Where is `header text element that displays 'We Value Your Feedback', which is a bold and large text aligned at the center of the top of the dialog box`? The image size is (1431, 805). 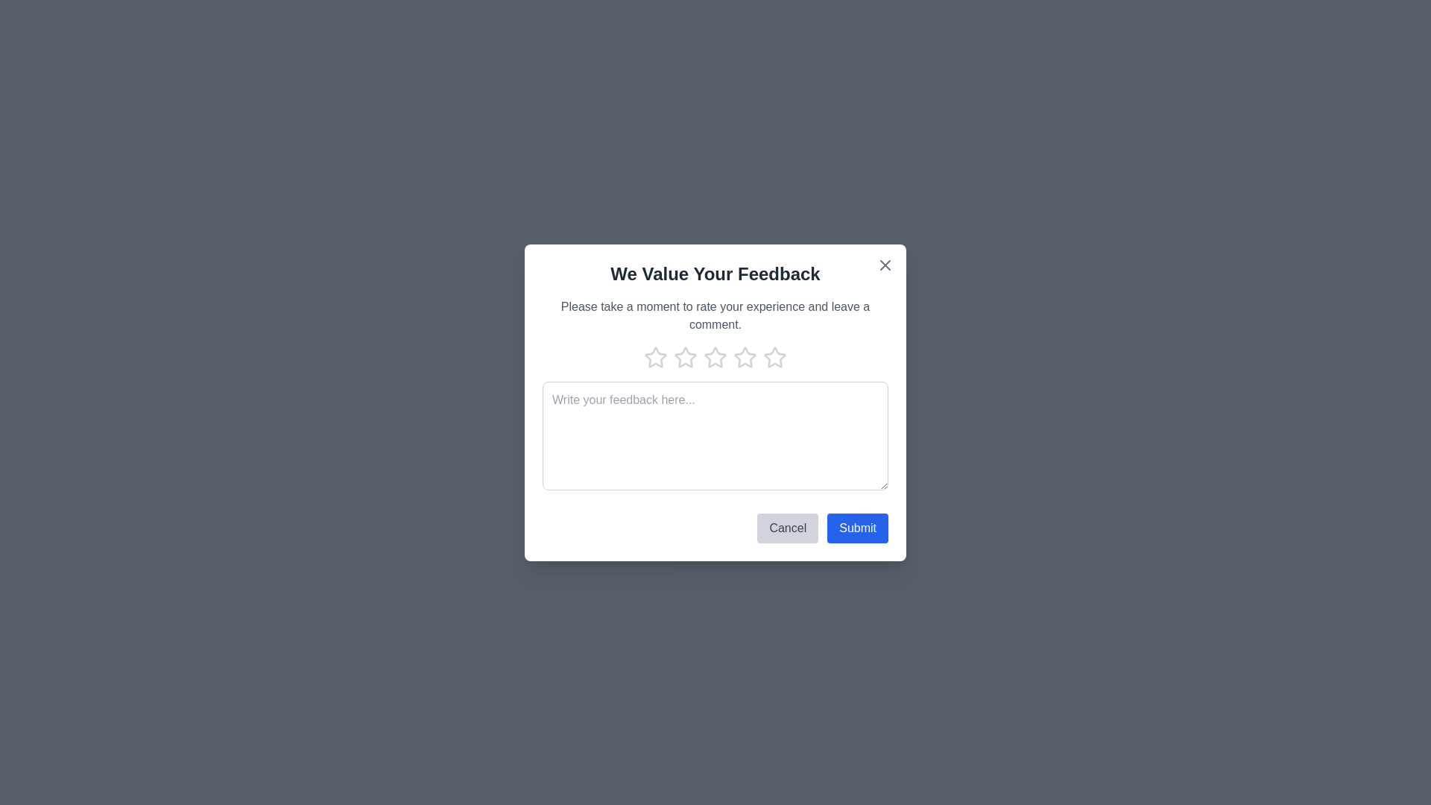
header text element that displays 'We Value Your Feedback', which is a bold and large text aligned at the center of the top of the dialog box is located at coordinates (715, 274).